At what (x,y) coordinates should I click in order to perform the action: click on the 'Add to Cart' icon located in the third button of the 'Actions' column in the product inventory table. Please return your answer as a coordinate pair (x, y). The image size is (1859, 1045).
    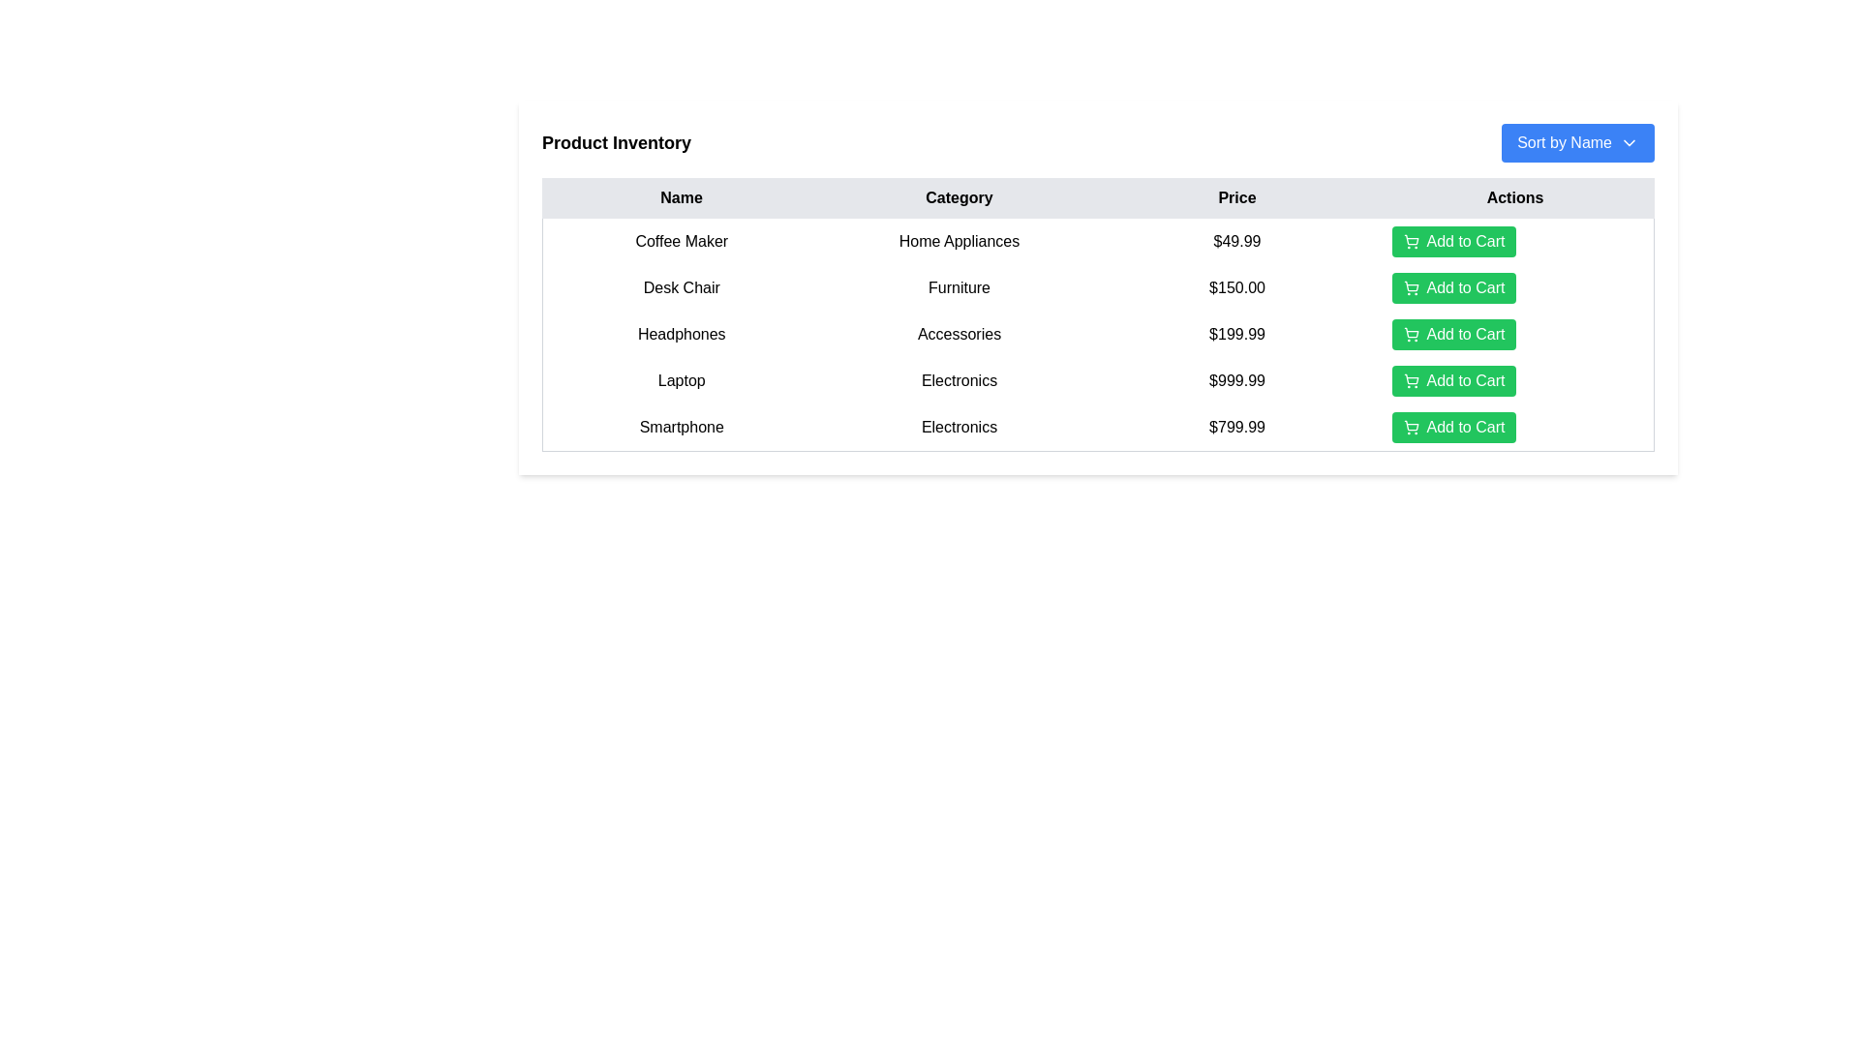
    Looking at the image, I should click on (1411, 334).